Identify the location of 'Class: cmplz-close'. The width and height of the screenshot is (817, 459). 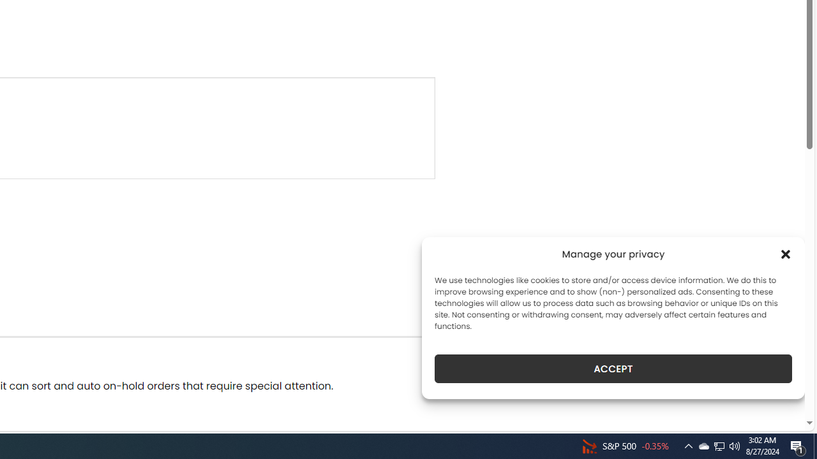
(785, 254).